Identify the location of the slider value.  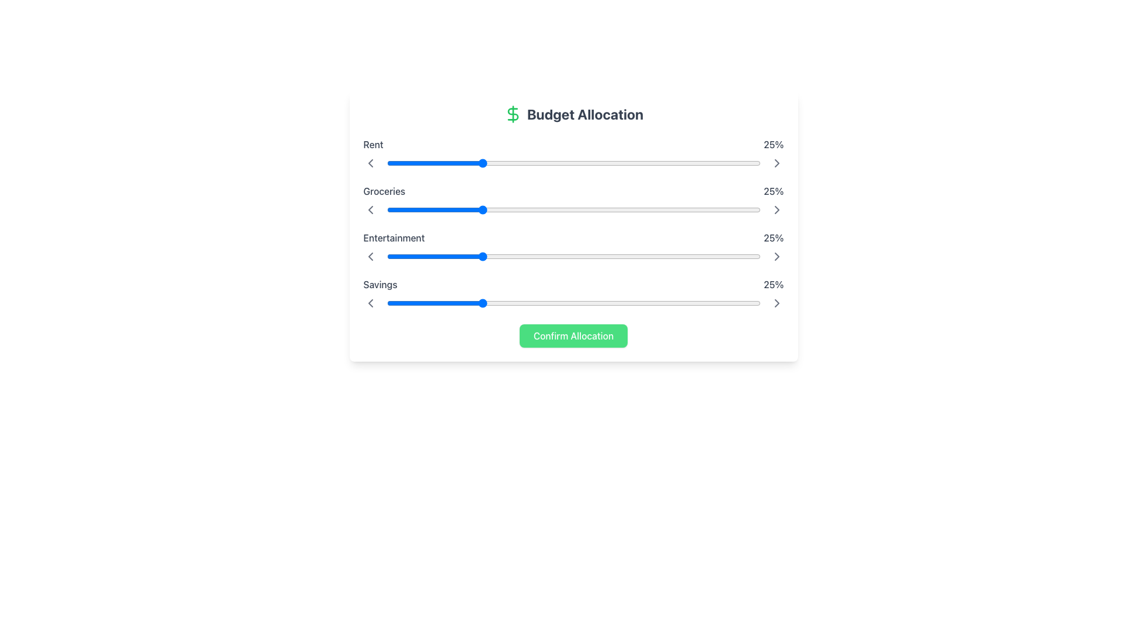
(405, 303).